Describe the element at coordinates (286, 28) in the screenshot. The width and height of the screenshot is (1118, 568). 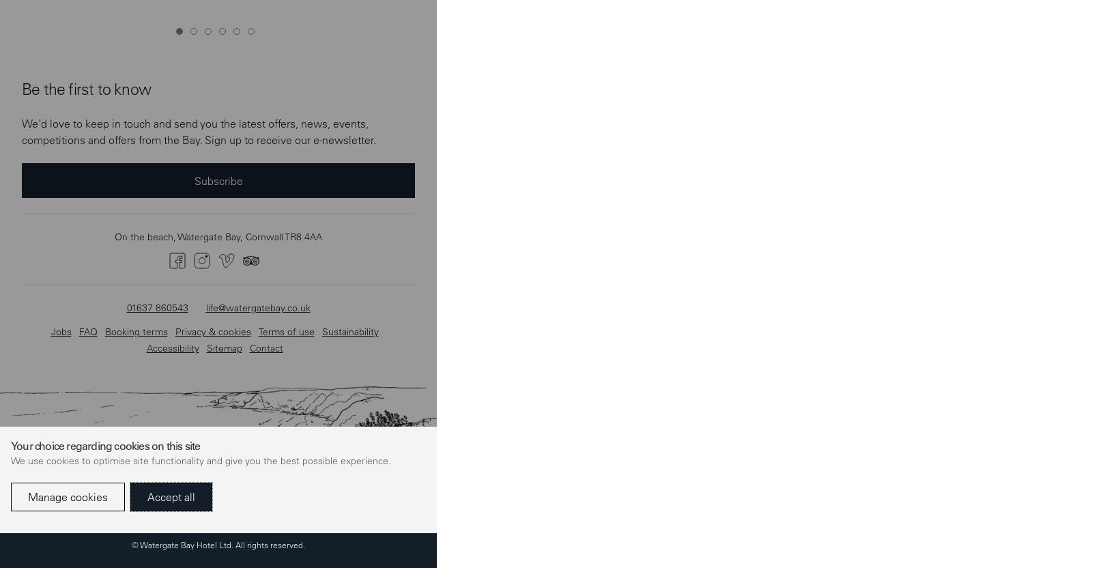
I see `'Terms of use'` at that location.